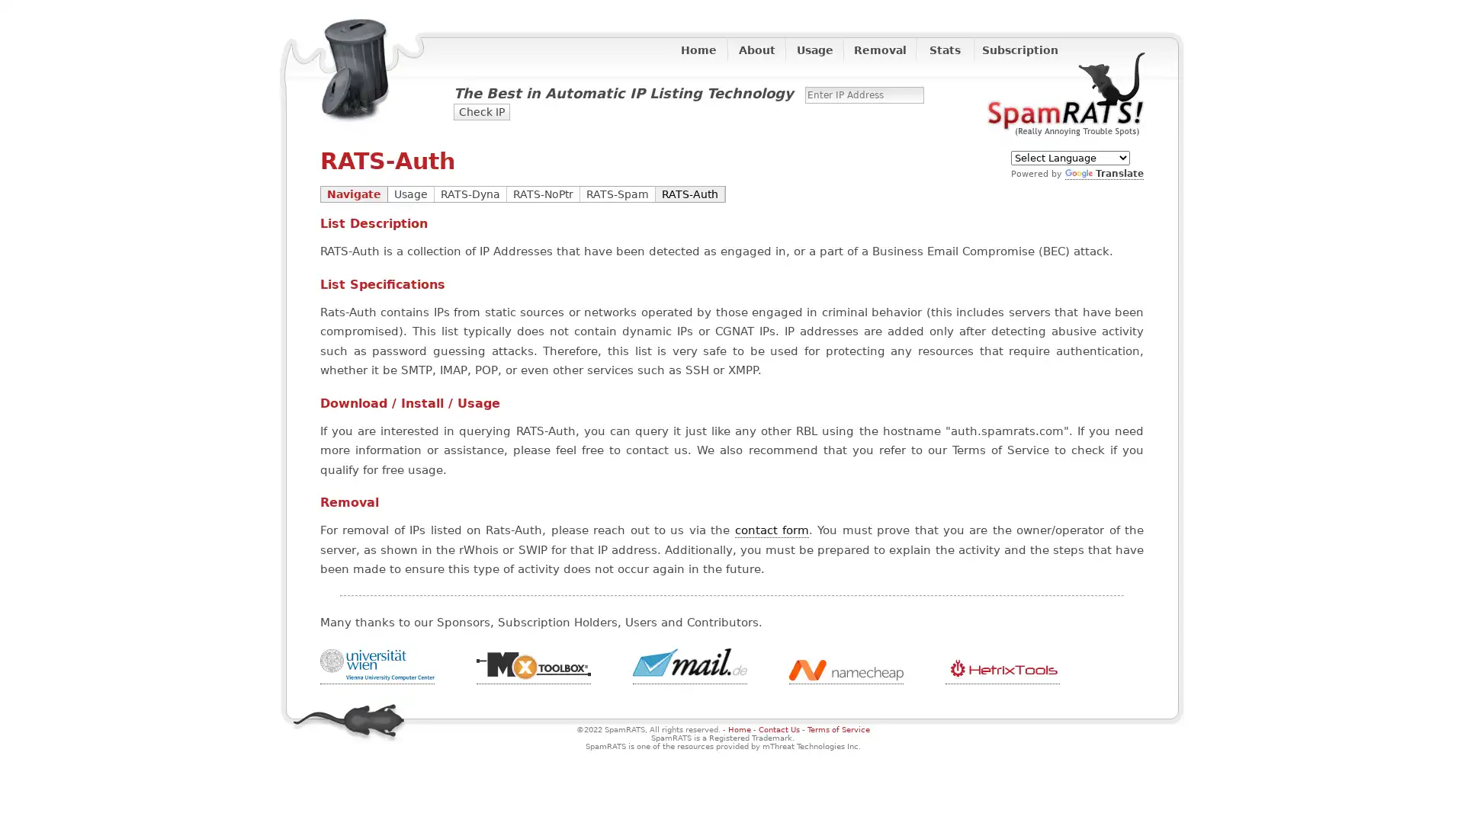 The image size is (1464, 823). I want to click on Check IP, so click(481, 110).